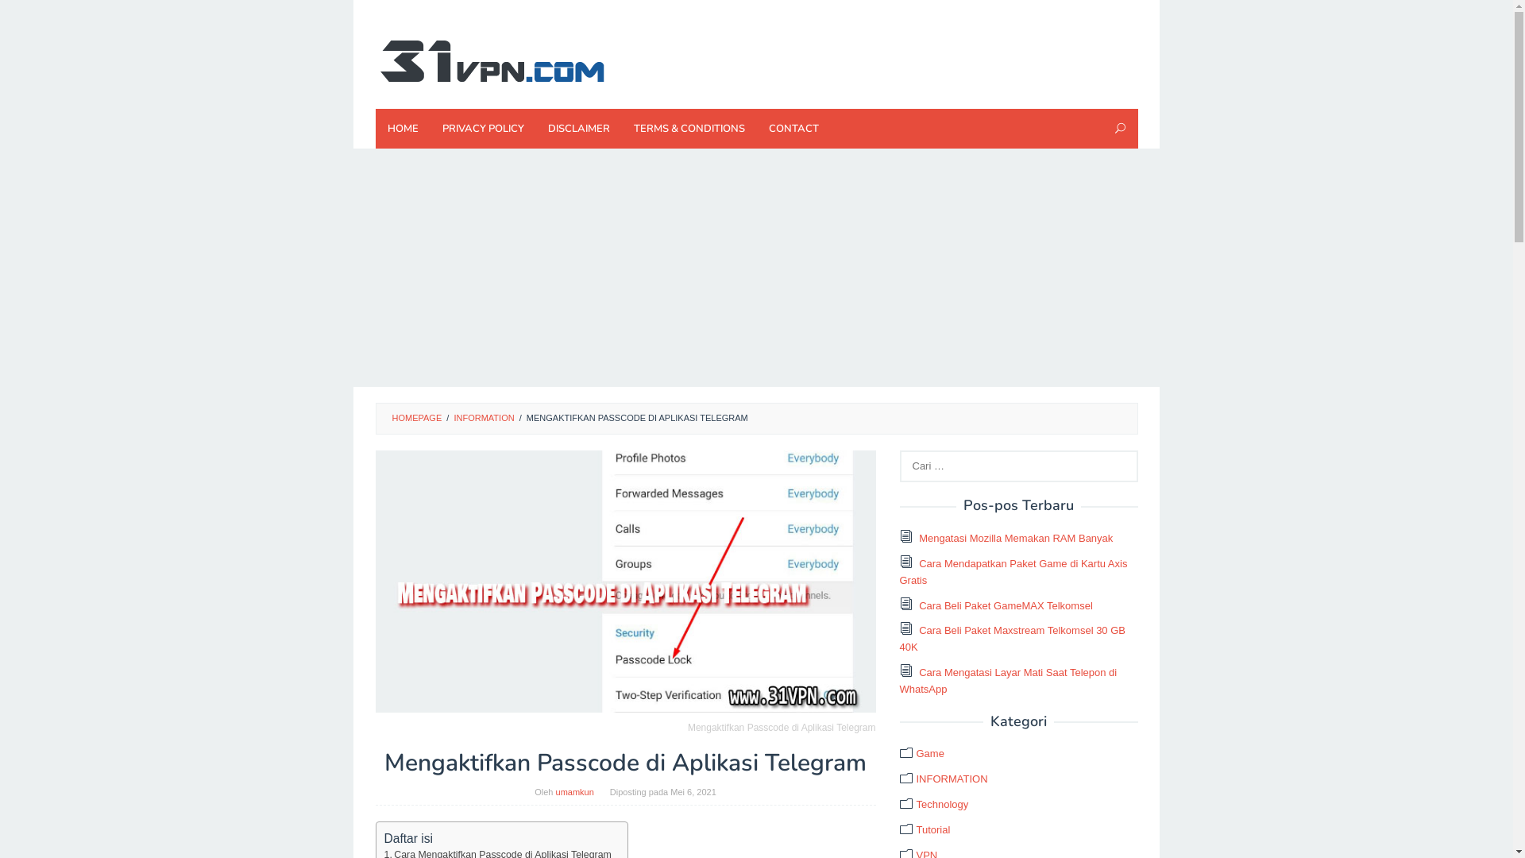 This screenshot has height=858, width=1525. What do you see at coordinates (1011, 637) in the screenshot?
I see `'Cara Beli Paket Maxstream Telkomsel 30 GB 40K'` at bounding box center [1011, 637].